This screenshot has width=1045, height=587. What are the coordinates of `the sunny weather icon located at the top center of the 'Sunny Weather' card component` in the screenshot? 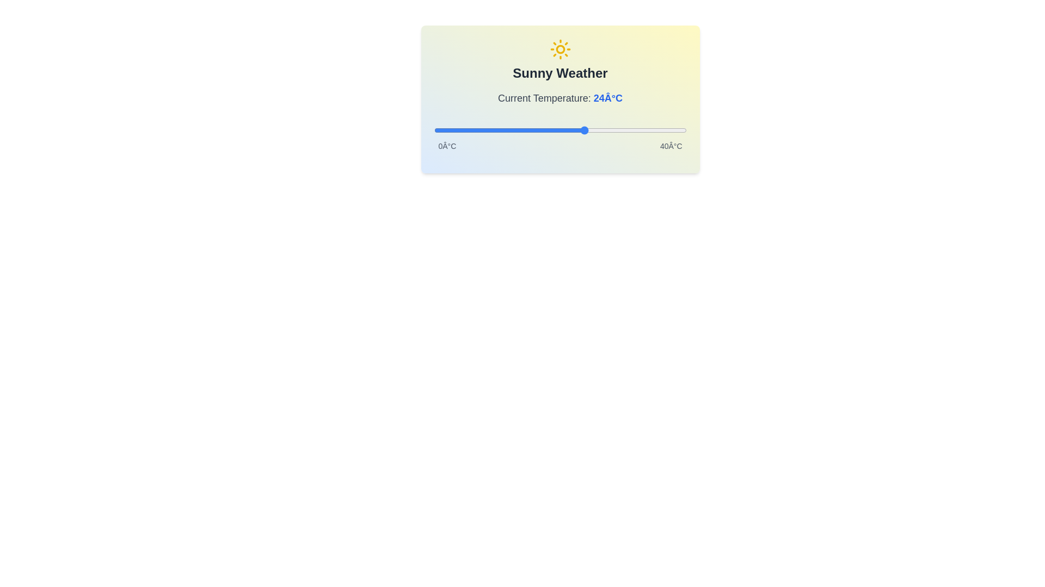 It's located at (560, 49).